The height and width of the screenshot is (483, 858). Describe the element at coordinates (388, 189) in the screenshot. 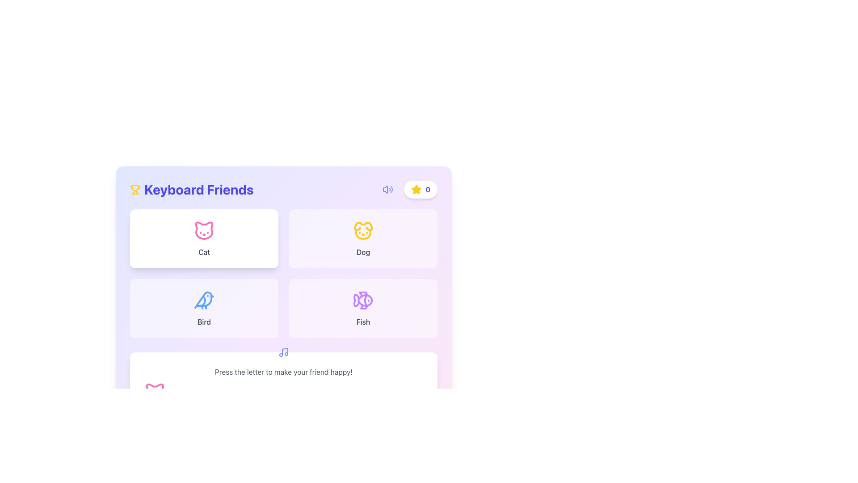

I see `the volume control SVG icon located in the top-right corner of the panel, which is a central component of a rounded, hover-responsive button adjacent to a star icon` at that location.